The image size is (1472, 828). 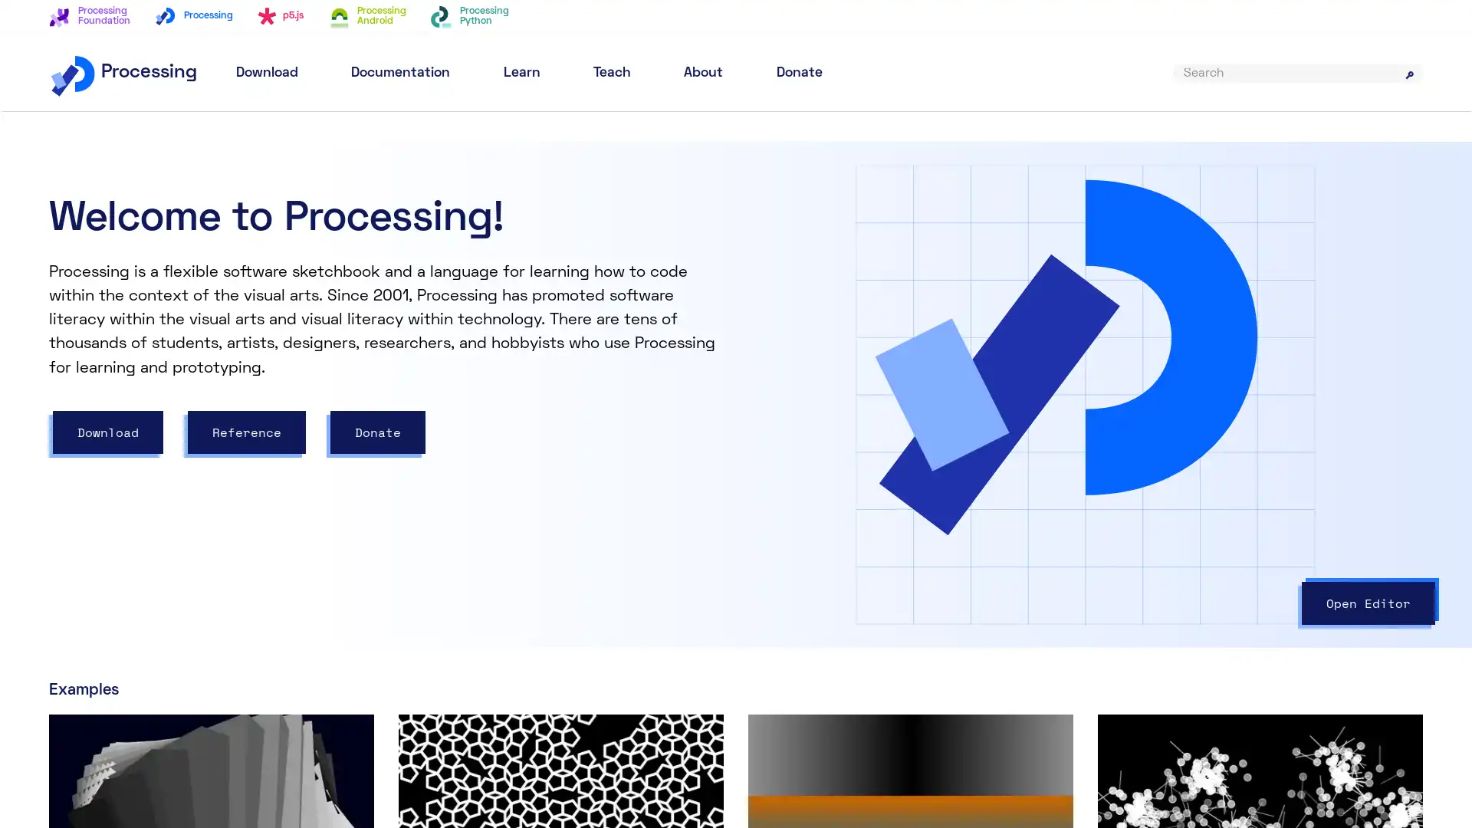 I want to click on change position, so click(x=863, y=455).